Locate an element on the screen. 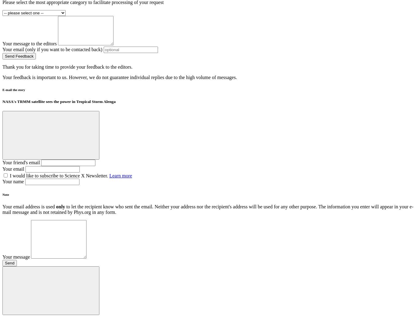 The image size is (419, 319). 'Your name' is located at coordinates (13, 181).